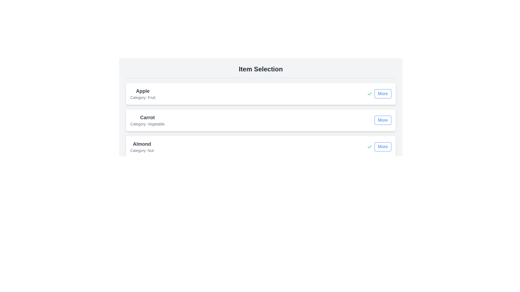  I want to click on text content of the Text Label that serves as a title or heading for the section above the grid of items like 'Apple', 'Carrot', and 'Almond', so click(261, 69).